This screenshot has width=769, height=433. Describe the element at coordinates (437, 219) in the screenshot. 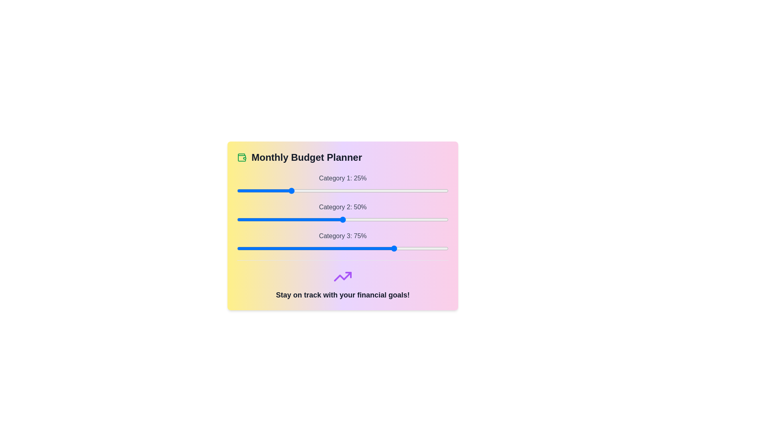

I see `the slider for Category 2 to 95%` at that location.